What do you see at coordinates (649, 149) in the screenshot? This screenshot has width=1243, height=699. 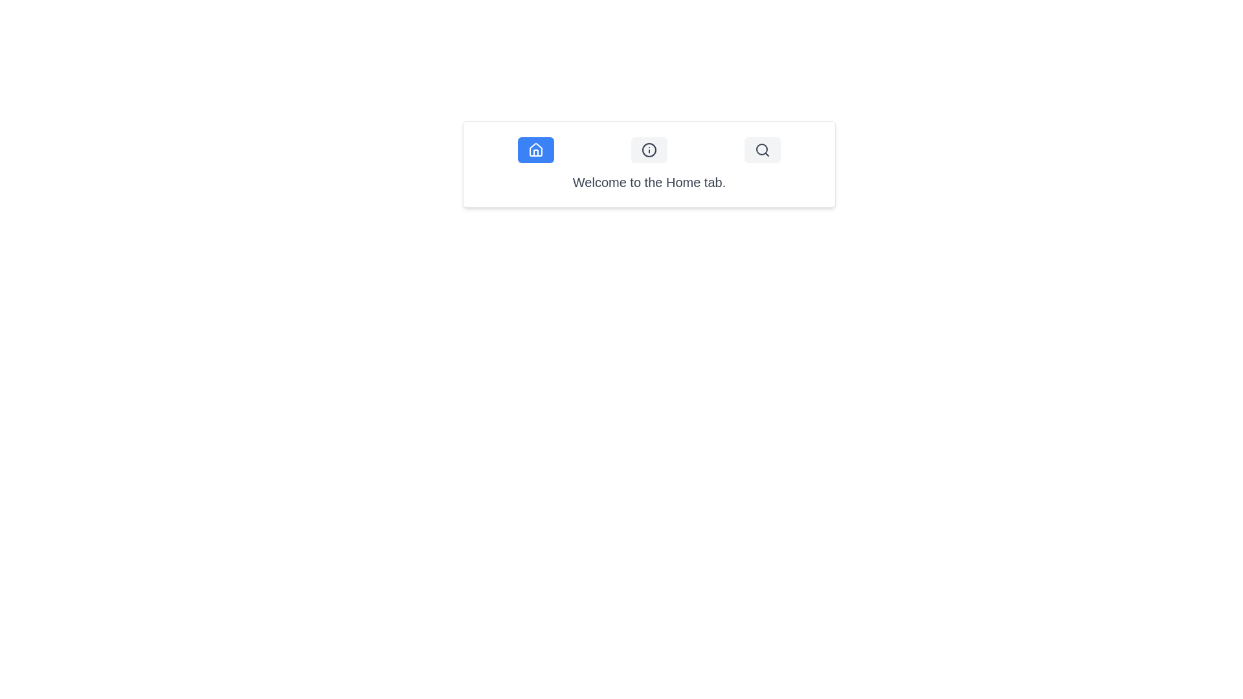 I see `the informational button located centrally among three buttons in a horizontal row, positioned above the text 'Welcome to the Home tab'` at bounding box center [649, 149].